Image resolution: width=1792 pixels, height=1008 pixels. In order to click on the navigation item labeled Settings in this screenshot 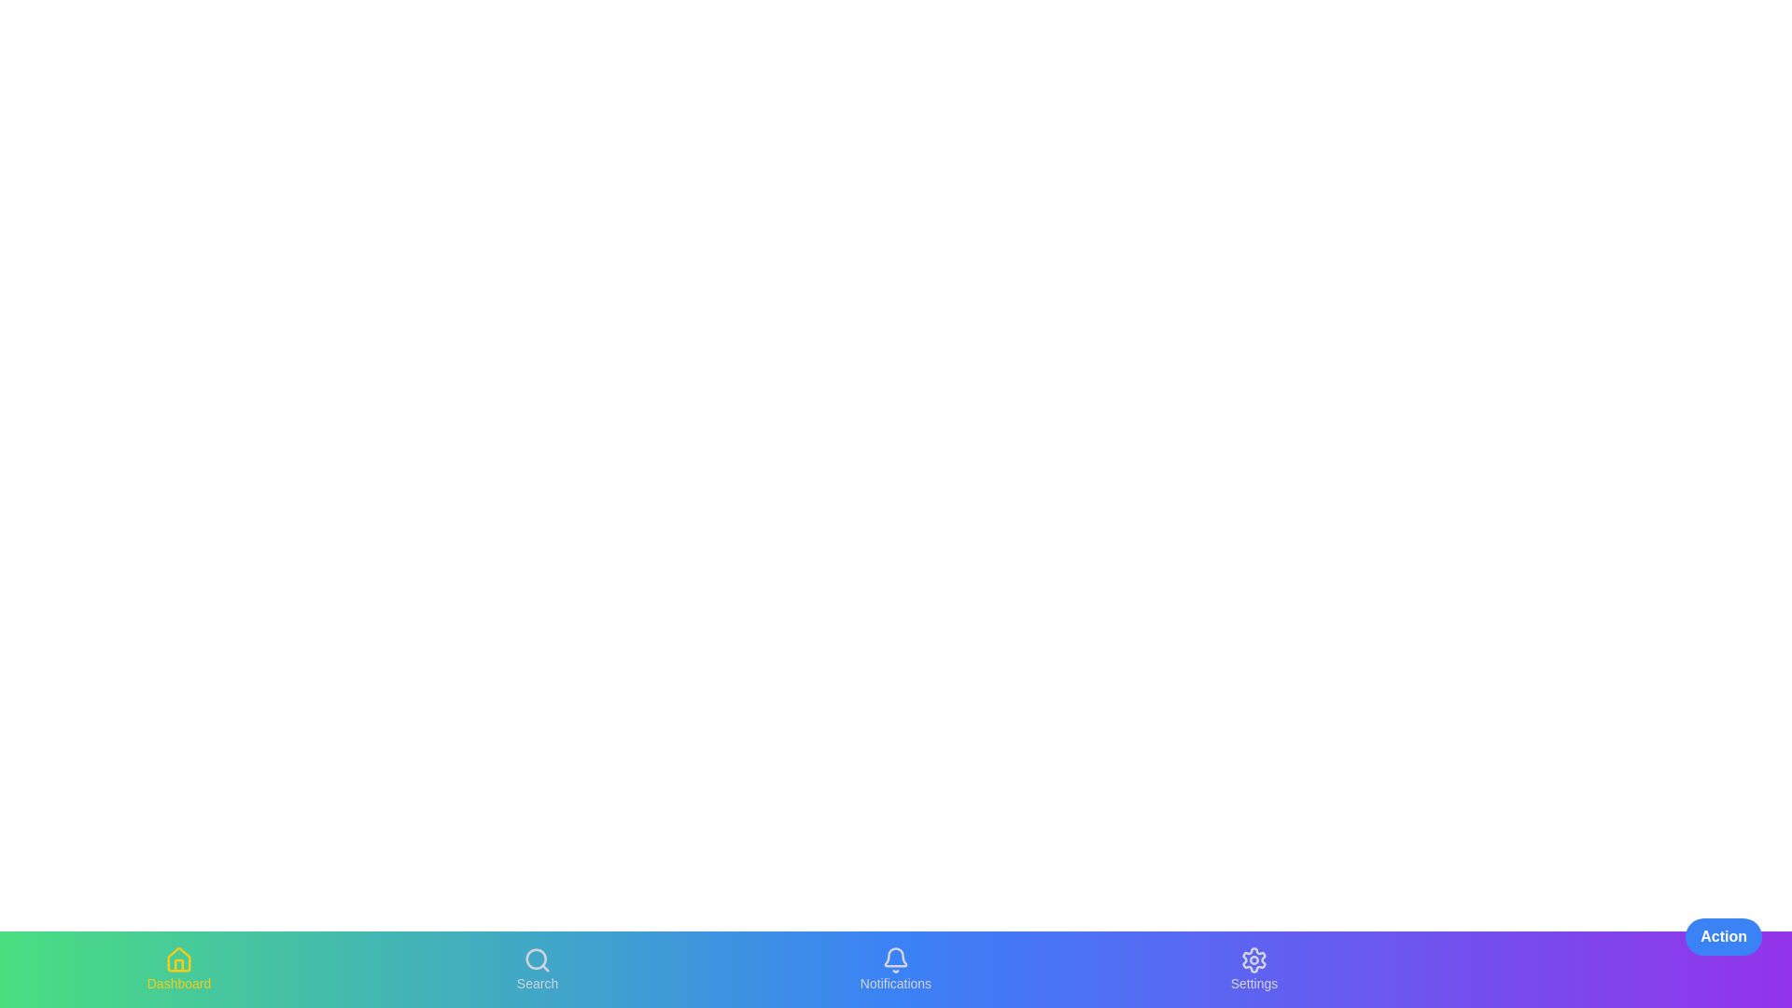, I will do `click(1254, 968)`.